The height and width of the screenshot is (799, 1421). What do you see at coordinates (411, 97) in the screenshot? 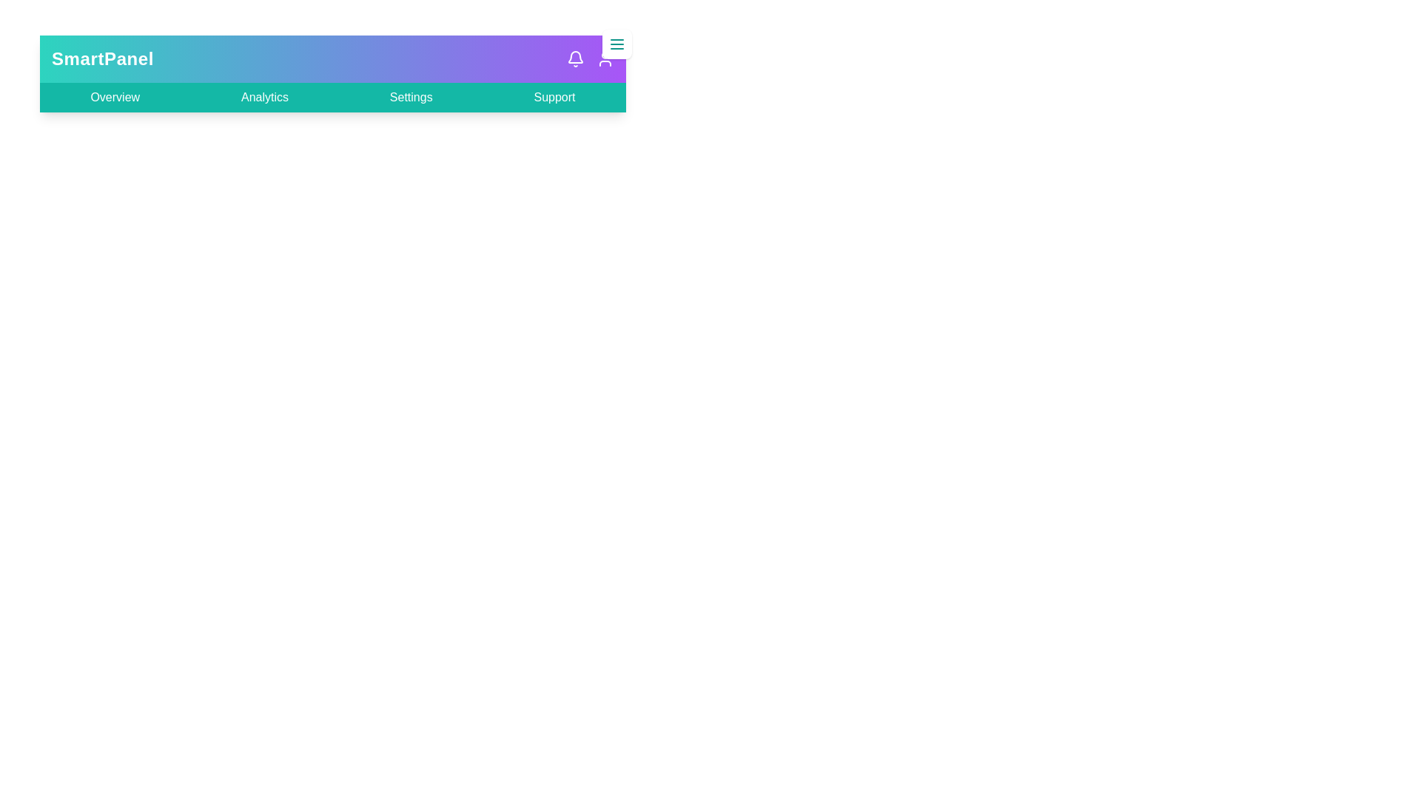
I see `the Settings link to navigate to the respective section` at bounding box center [411, 97].